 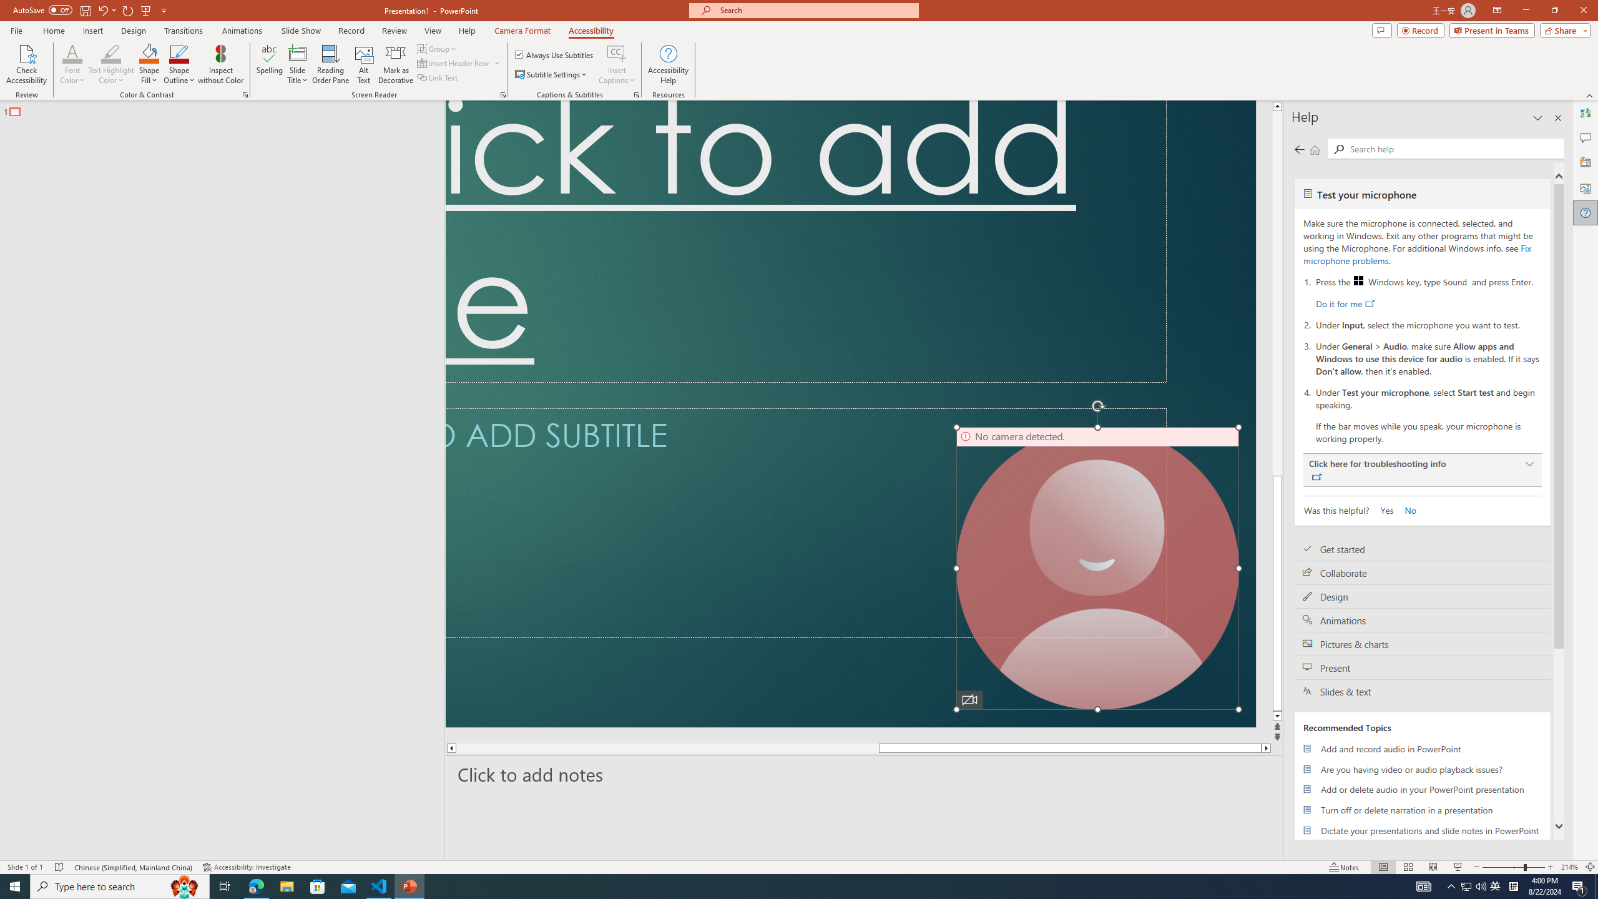 I want to click on 'Dictate your presentations and slide notes in PowerPoint', so click(x=1422, y=830).